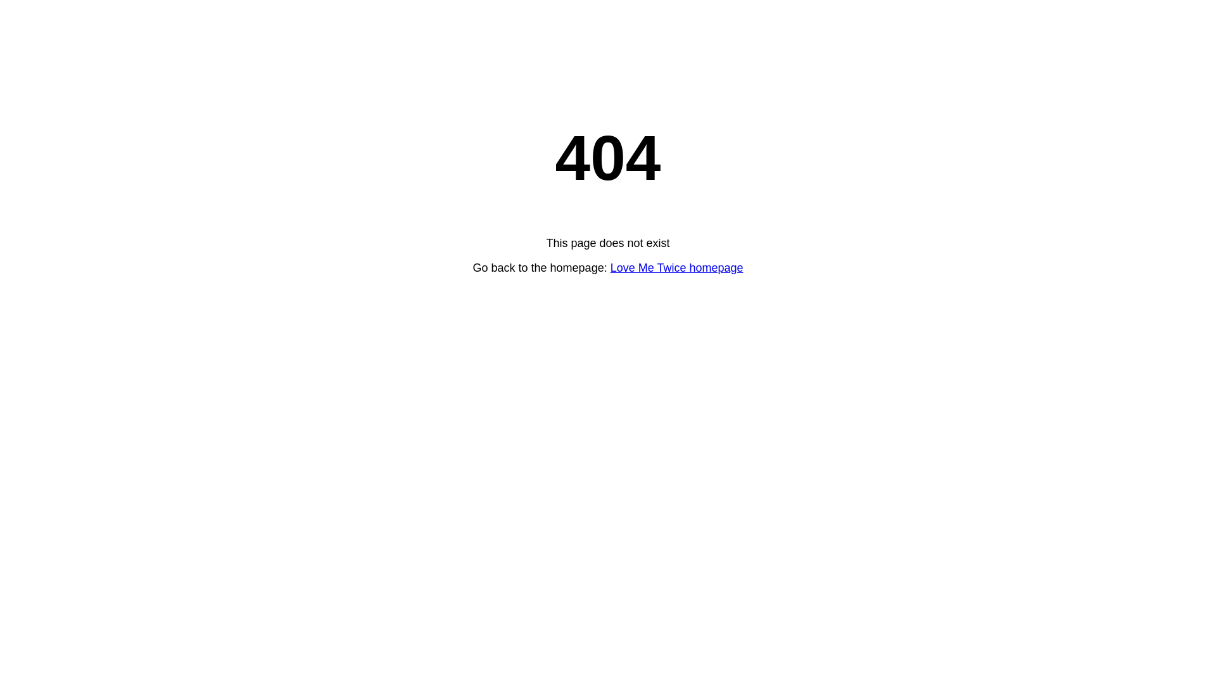 The height and width of the screenshot is (684, 1216). I want to click on 'Love Me Twice homepage', so click(676, 267).